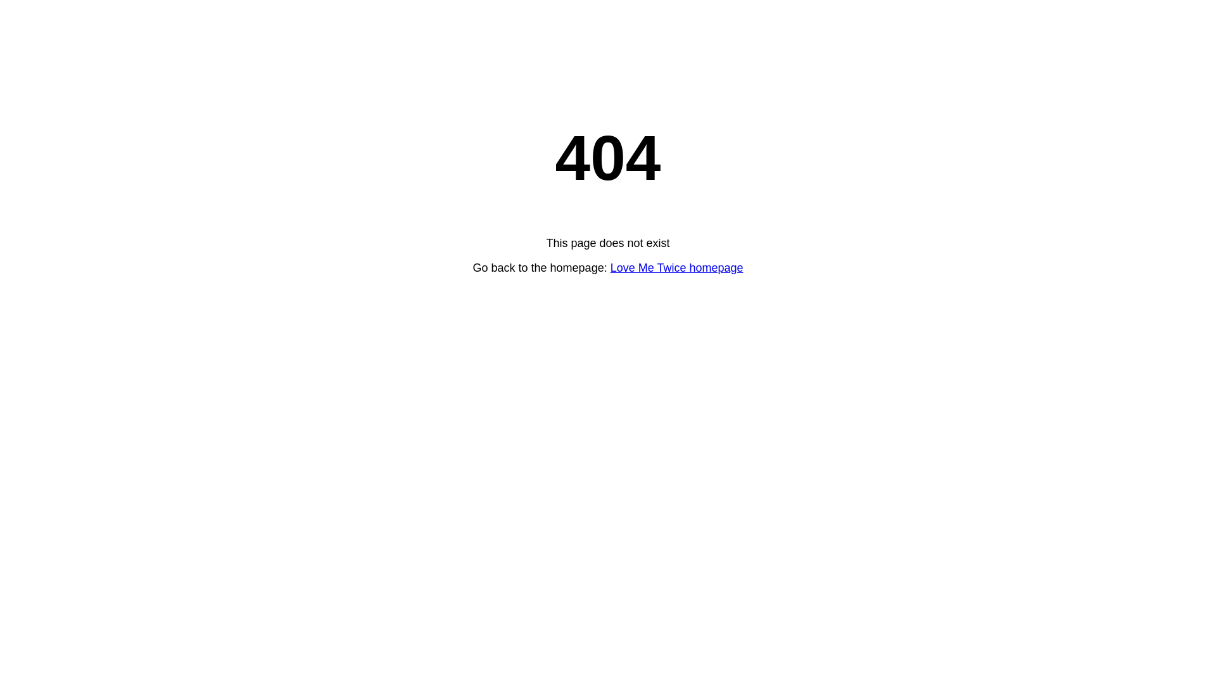 The height and width of the screenshot is (684, 1216). I want to click on 'Love Me Twice homepage', so click(676, 267).